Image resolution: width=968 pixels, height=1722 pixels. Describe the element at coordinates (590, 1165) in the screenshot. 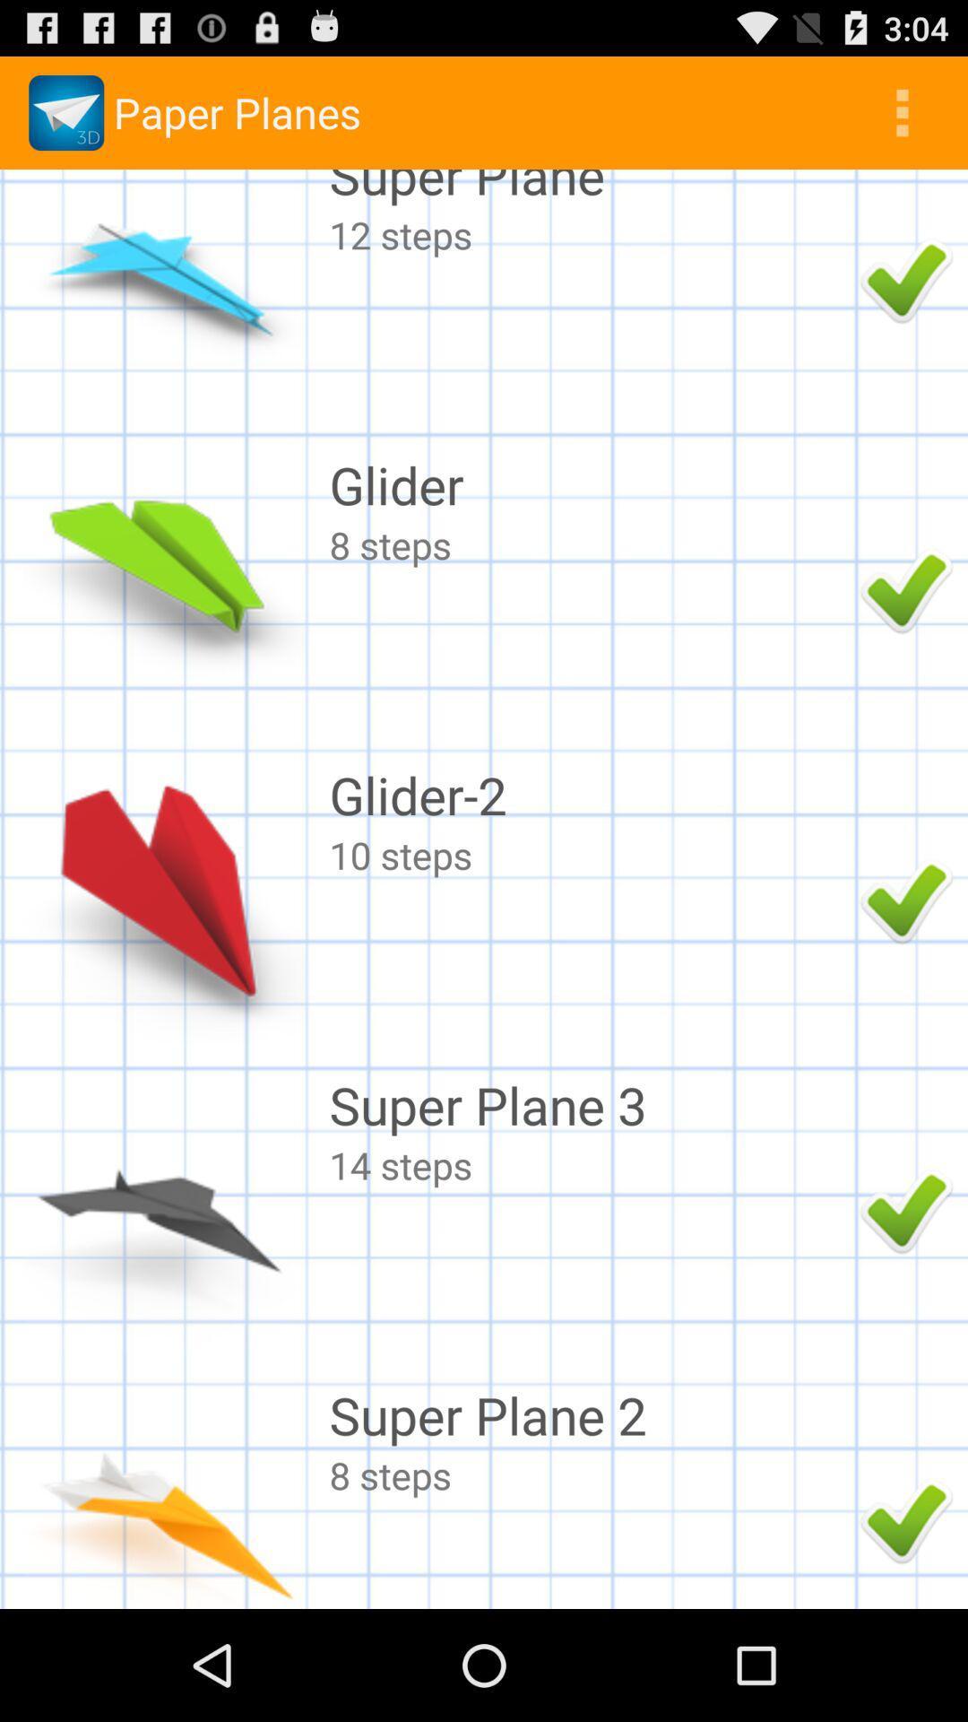

I see `item below super plane 3 app` at that location.